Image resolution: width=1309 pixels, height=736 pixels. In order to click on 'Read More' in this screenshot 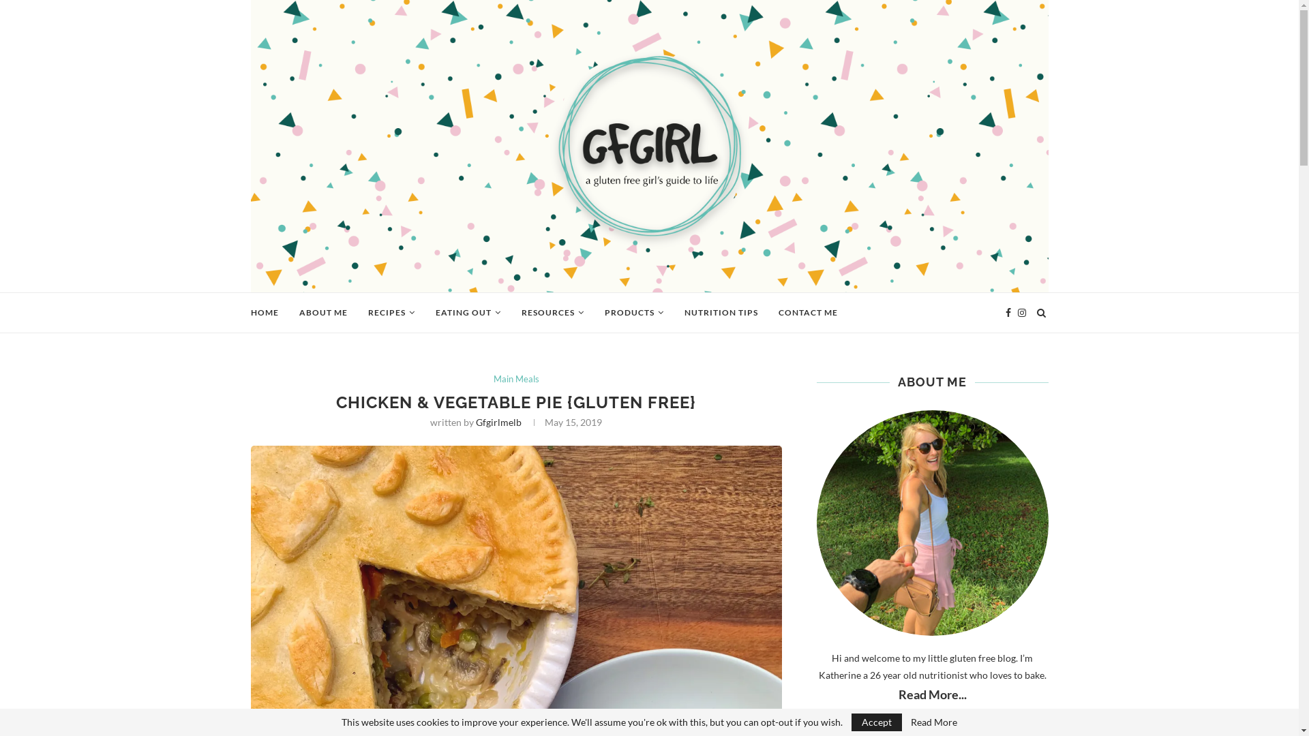, I will do `click(933, 722)`.